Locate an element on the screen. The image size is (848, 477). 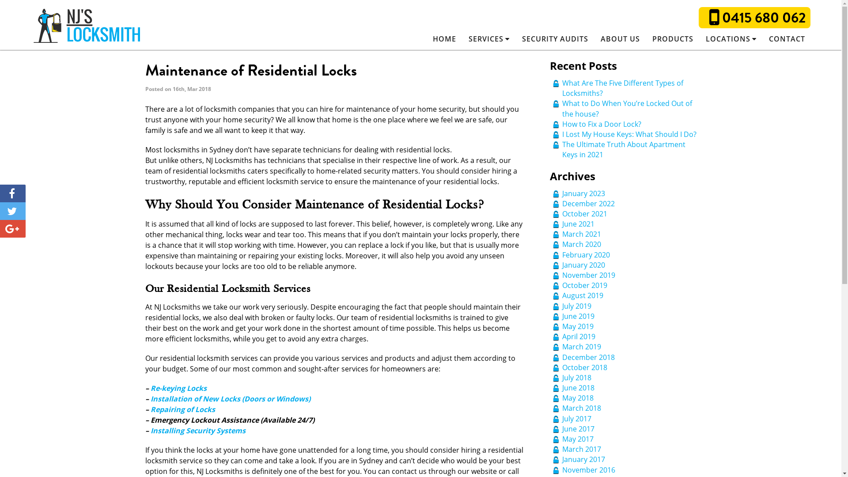
'CONTACT' is located at coordinates (787, 38).